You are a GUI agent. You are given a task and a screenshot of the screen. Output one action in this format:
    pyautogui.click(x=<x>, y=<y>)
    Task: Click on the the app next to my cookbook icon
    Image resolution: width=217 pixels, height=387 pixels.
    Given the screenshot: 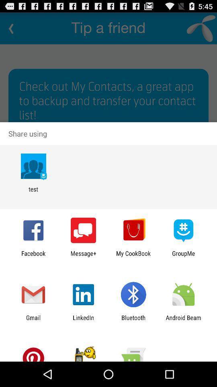 What is the action you would take?
    pyautogui.click(x=83, y=256)
    